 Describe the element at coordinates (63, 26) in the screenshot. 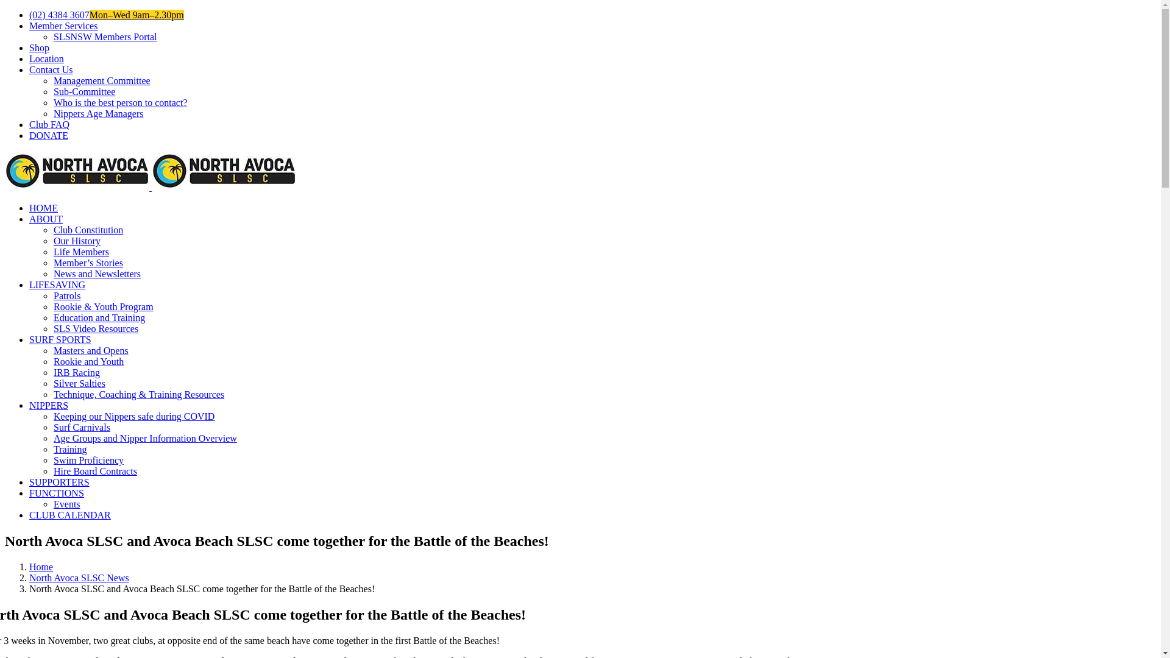

I see `'Member Services'` at that location.